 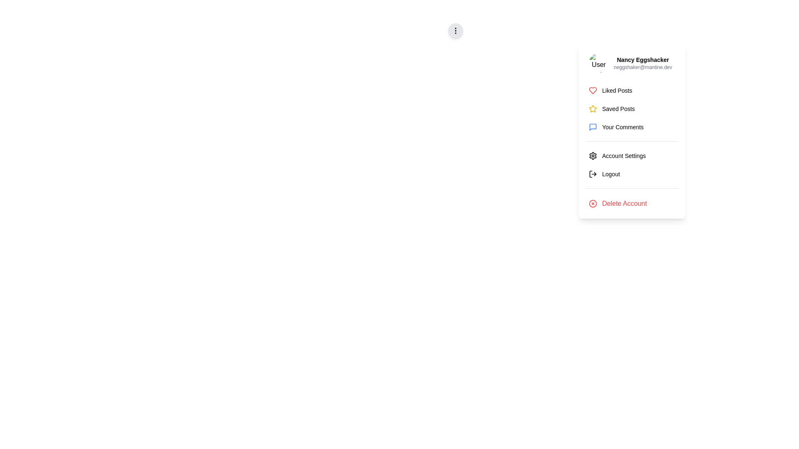 What do you see at coordinates (643, 62) in the screenshot?
I see `information displayed in the text component showing the name 'Nancy Eggshacker' and the email 'neggshaker@mantine.dev', which is located in the dropdown menu next to the user avatar icon` at bounding box center [643, 62].